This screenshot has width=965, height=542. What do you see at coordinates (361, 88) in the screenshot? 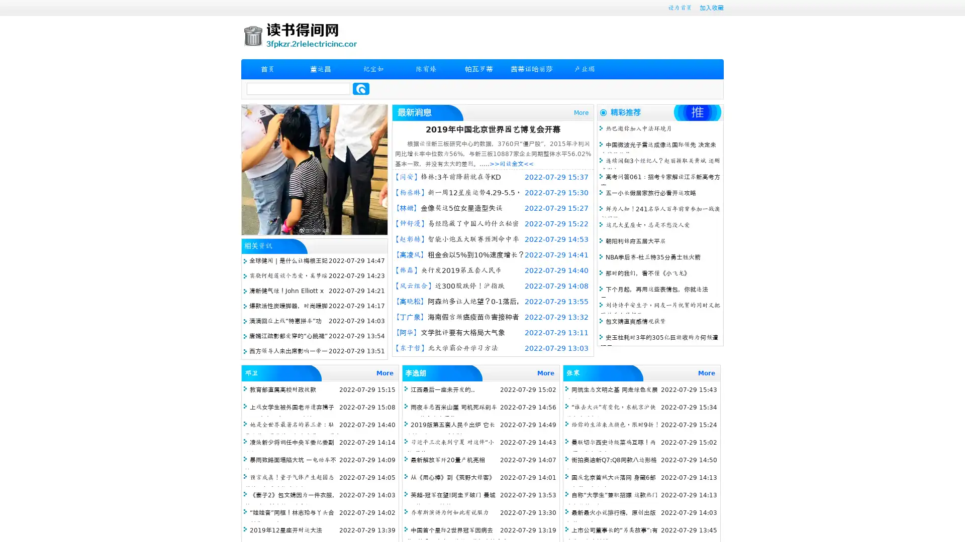
I see `Search` at bounding box center [361, 88].